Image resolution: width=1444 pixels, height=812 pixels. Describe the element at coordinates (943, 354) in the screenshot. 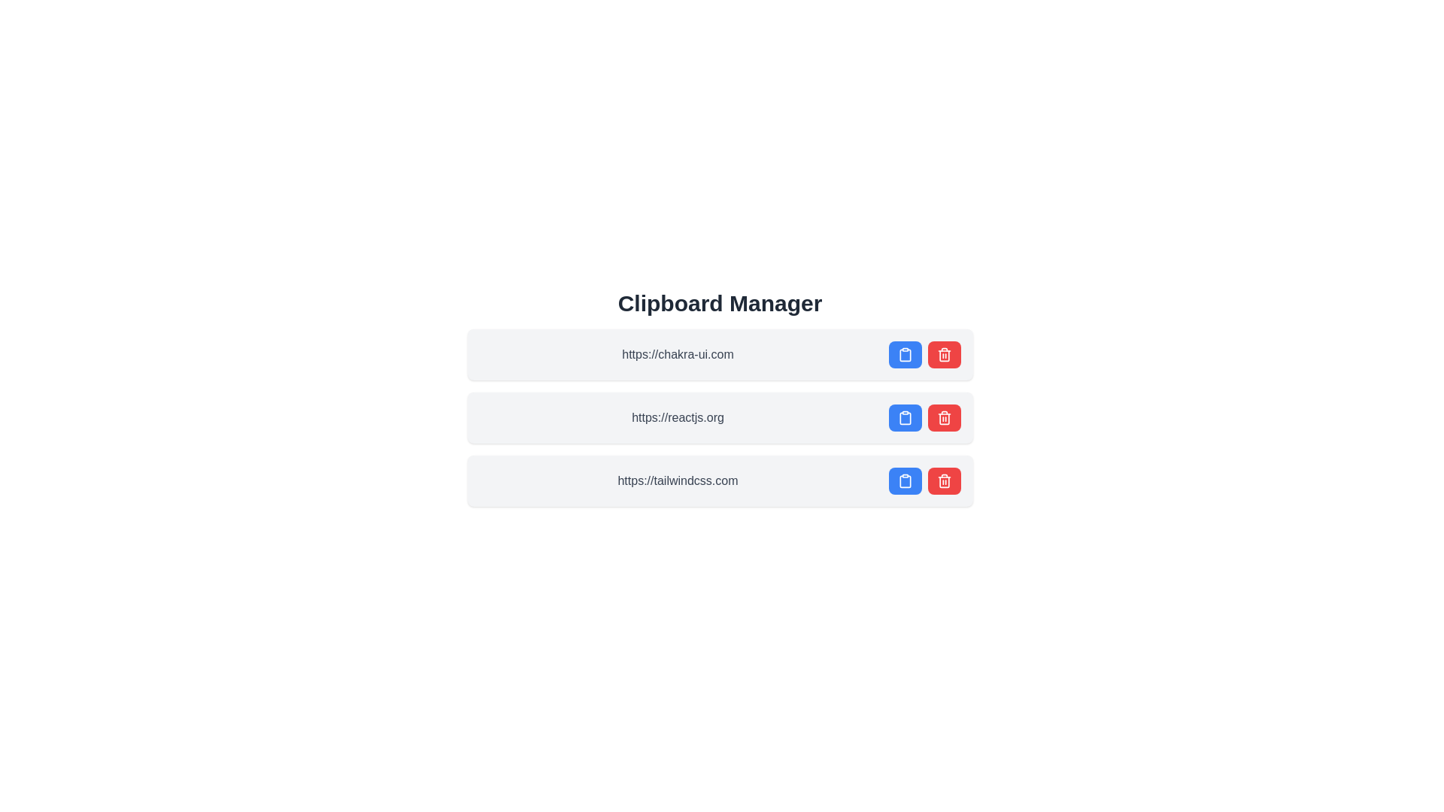

I see `the red rectangular button with a trash can icon` at that location.